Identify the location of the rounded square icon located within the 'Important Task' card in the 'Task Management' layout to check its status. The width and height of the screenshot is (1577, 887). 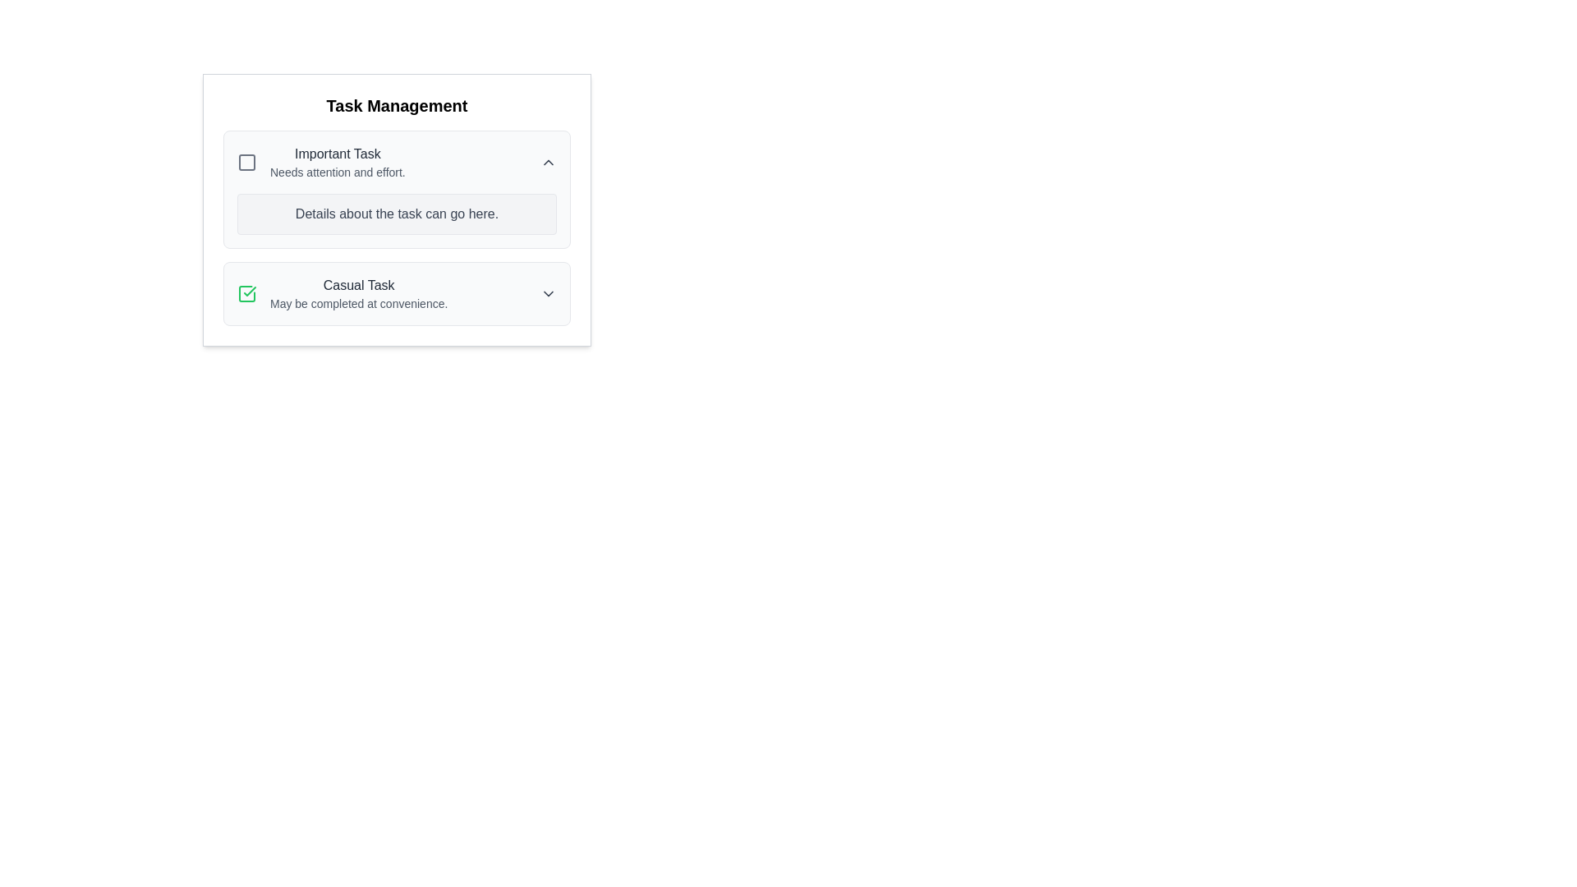
(246, 162).